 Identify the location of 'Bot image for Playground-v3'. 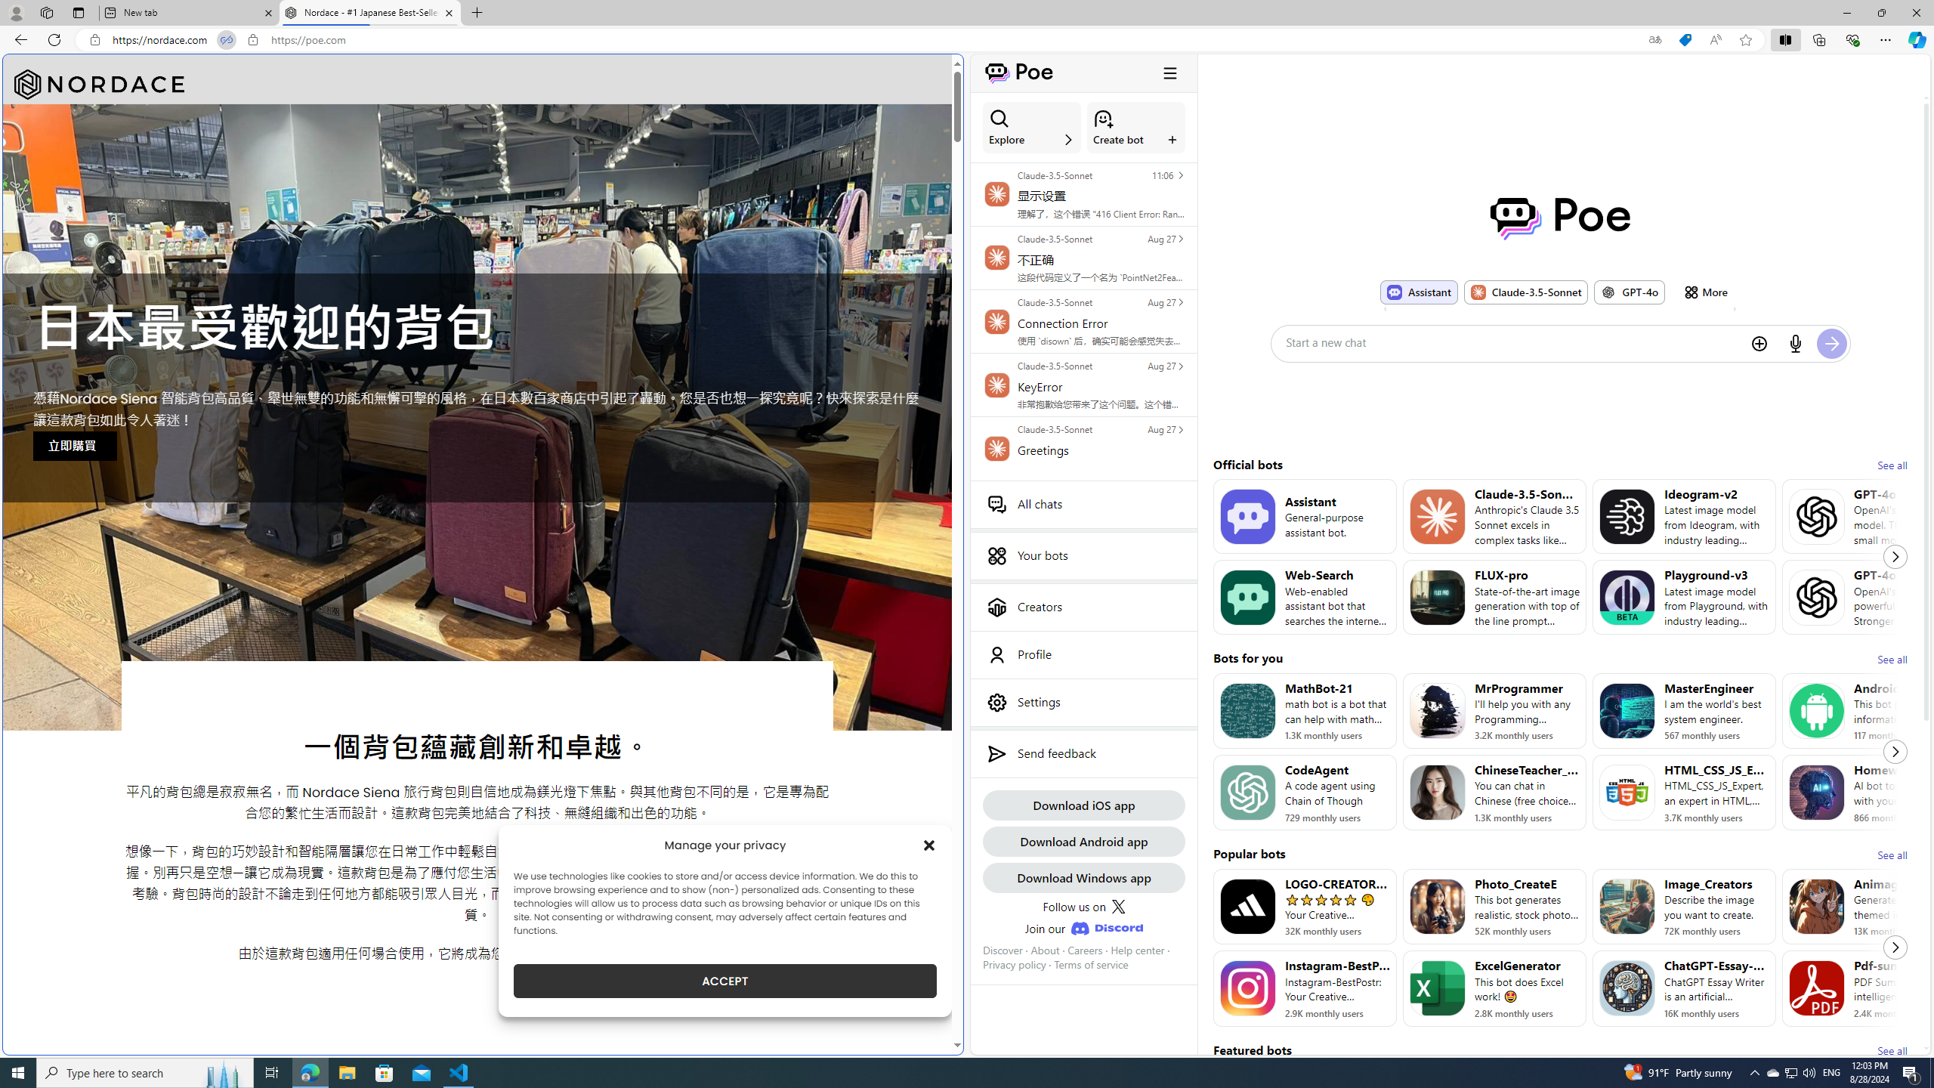
(1626, 596).